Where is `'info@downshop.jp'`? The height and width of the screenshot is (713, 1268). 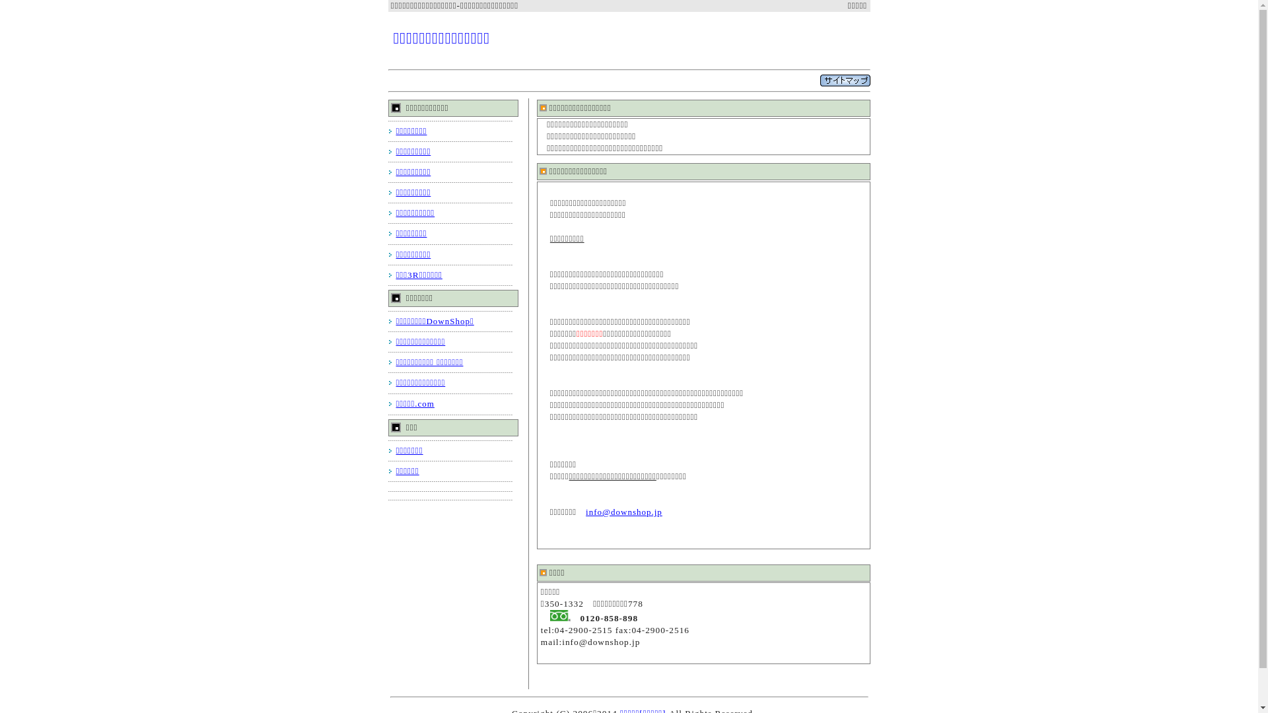 'info@downshop.jp' is located at coordinates (623, 511).